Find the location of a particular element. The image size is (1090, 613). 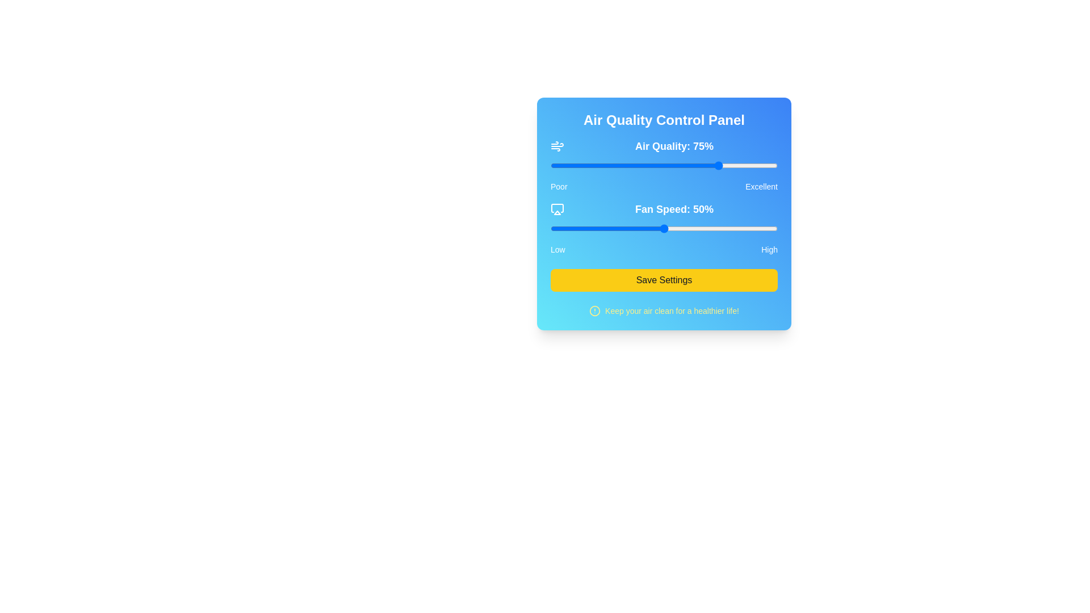

the slider control for 'Fan Speed: 50%' to set a specific value is located at coordinates (664, 228).